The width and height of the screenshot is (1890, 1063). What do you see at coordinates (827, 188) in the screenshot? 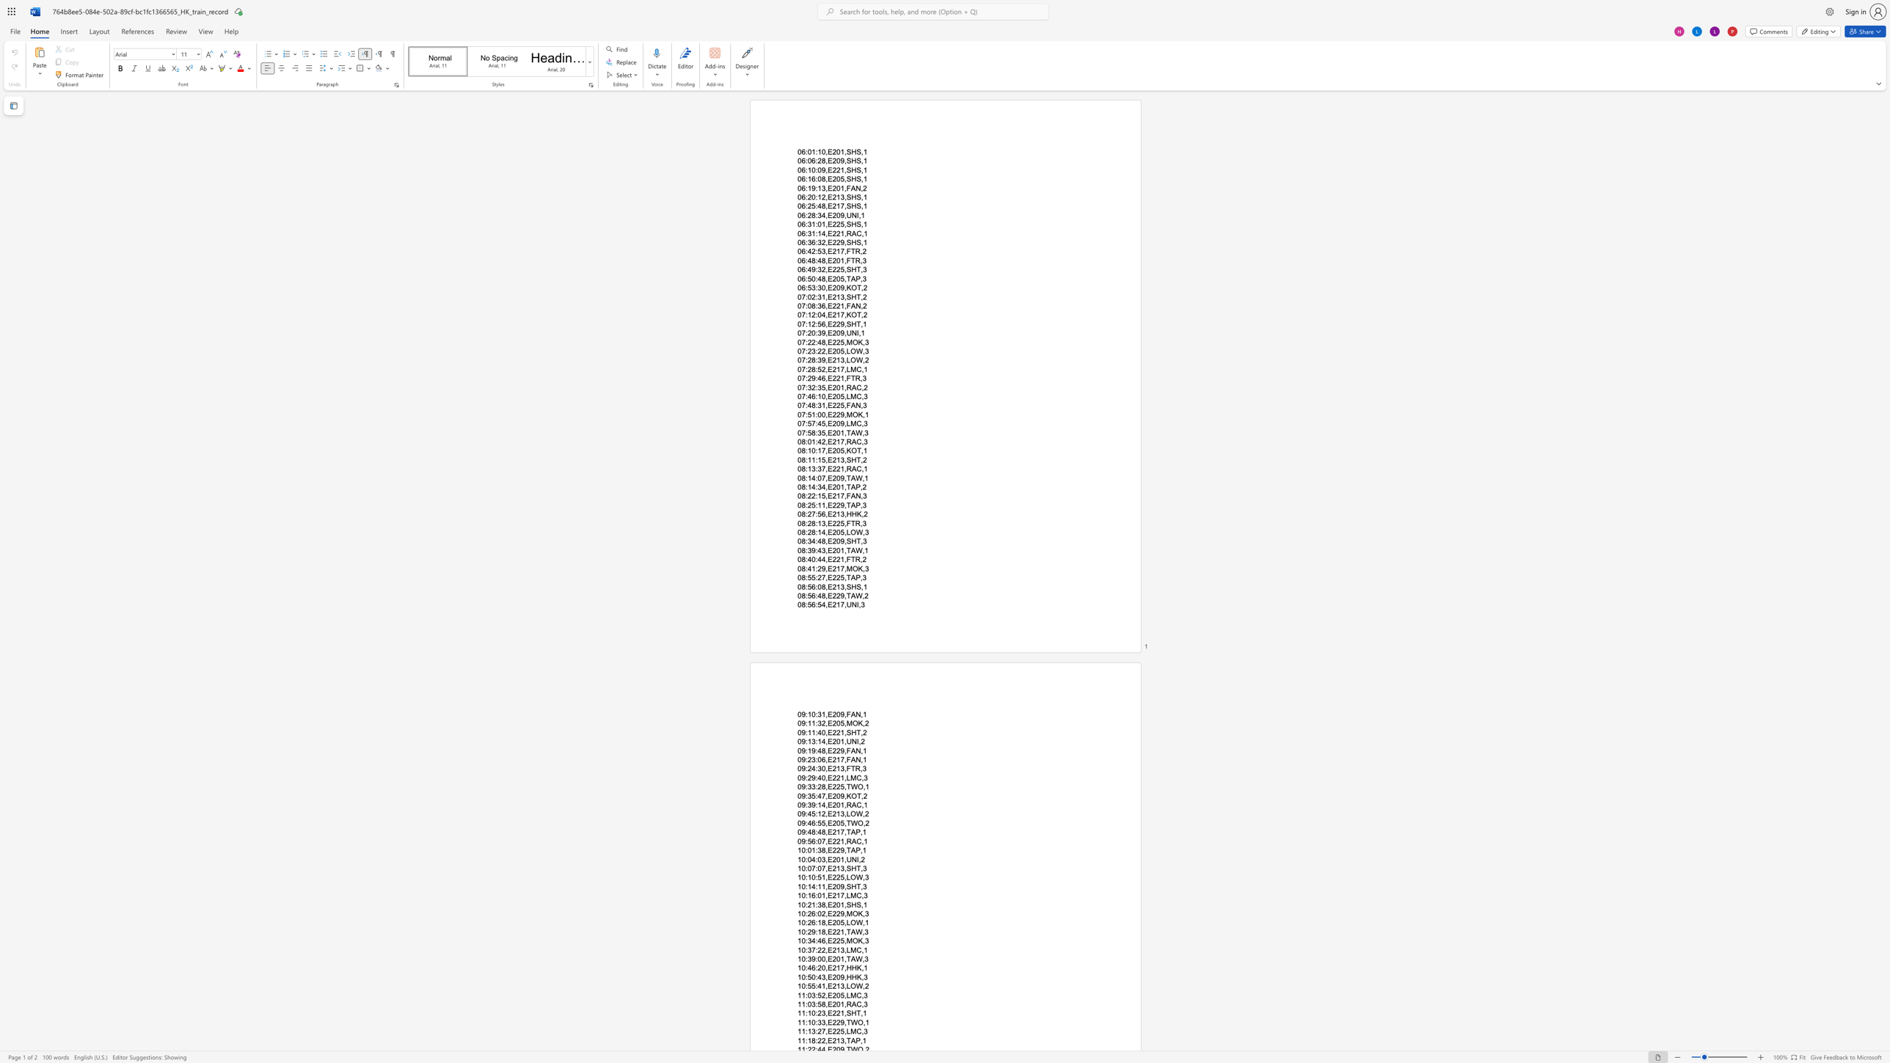
I see `the subset text "E201" within the text "06:19:13,E201,FAN,2"` at bounding box center [827, 188].